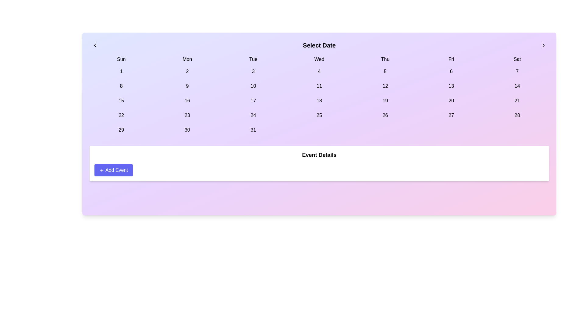 This screenshot has width=585, height=329. What do you see at coordinates (187, 130) in the screenshot?
I see `the rounded rectangular button displaying the number '30' located in the bottom row, second column under the 'Mon' header` at bounding box center [187, 130].